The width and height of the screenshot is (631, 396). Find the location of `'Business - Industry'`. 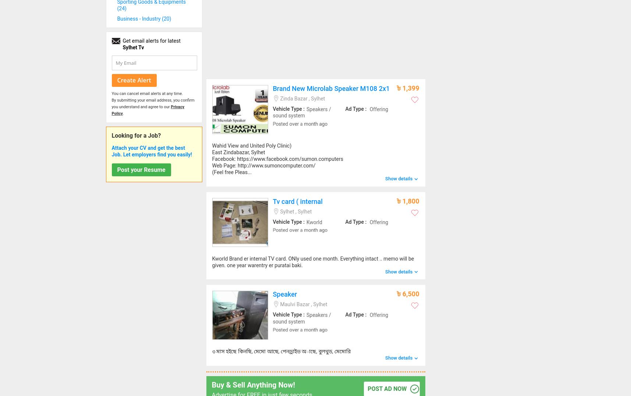

'Business - Industry' is located at coordinates (139, 19).